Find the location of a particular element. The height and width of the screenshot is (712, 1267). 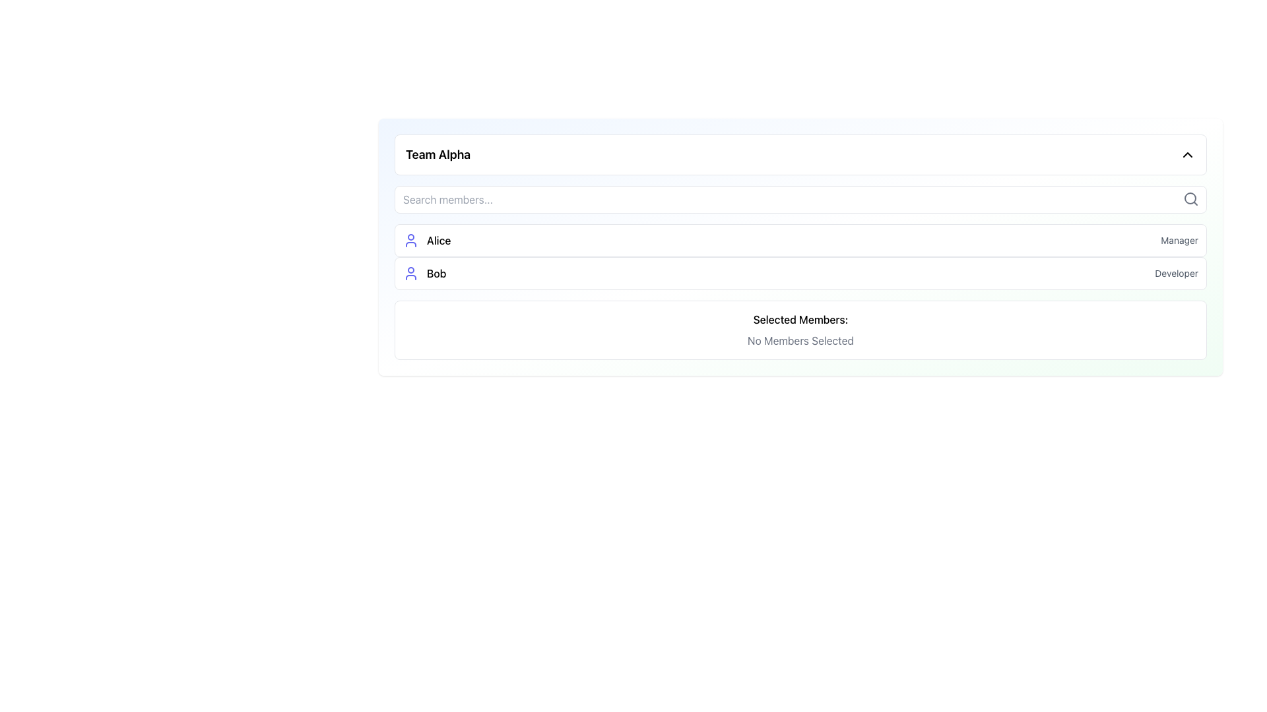

the chevron-shaped icon button located in the header section labeled 'Team Alpha' is located at coordinates (1188, 154).